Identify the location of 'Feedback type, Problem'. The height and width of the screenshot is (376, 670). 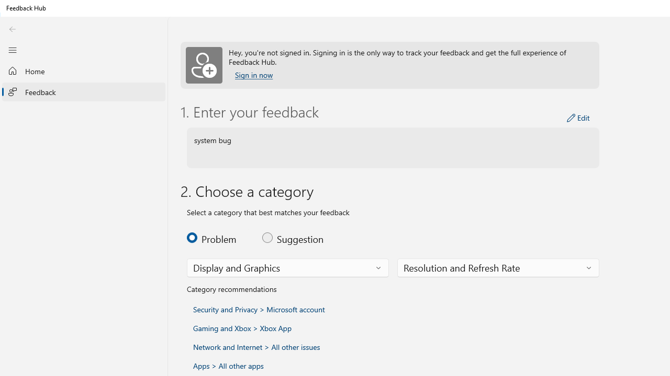
(218, 238).